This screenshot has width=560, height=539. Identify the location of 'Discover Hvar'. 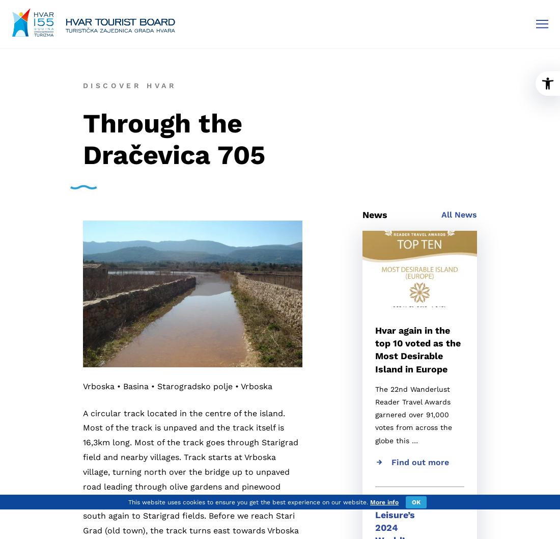
(129, 84).